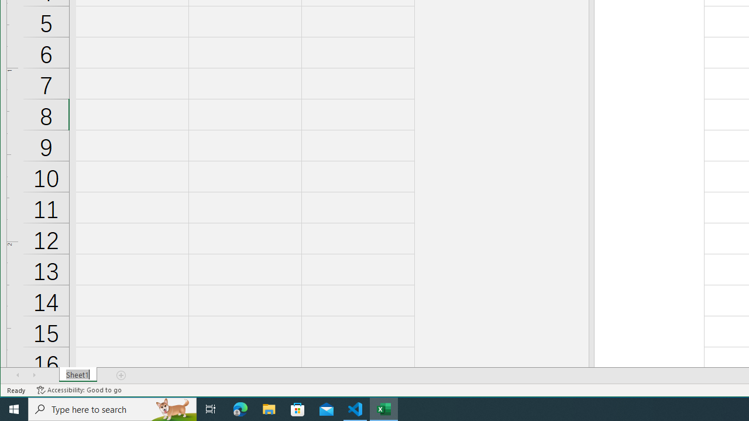 The height and width of the screenshot is (421, 749). I want to click on 'Visual Studio Code - 1 running window', so click(355, 408).